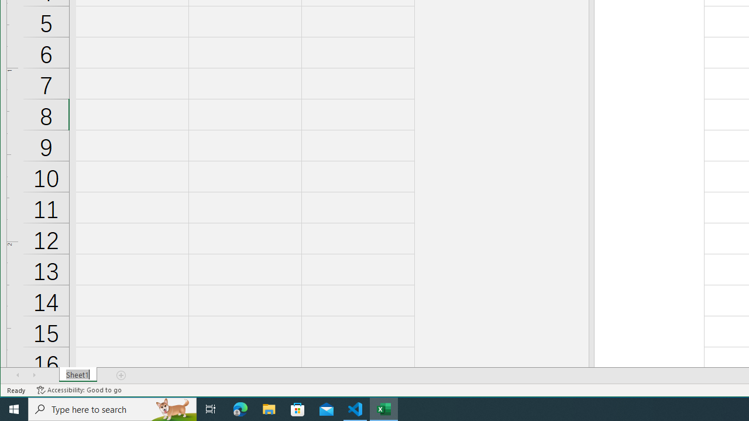 The height and width of the screenshot is (421, 749). I want to click on 'Visual Studio Code - 1 running window', so click(355, 408).